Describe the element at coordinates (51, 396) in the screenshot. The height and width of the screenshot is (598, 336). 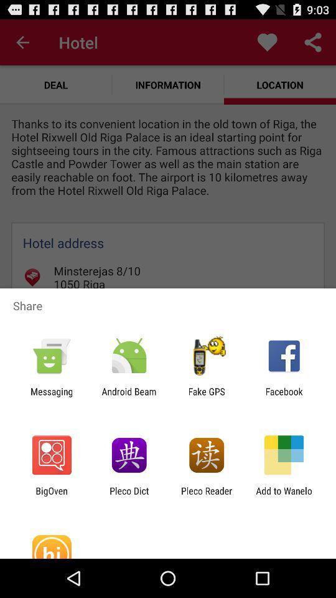
I see `the app to the left of the android beam app` at that location.